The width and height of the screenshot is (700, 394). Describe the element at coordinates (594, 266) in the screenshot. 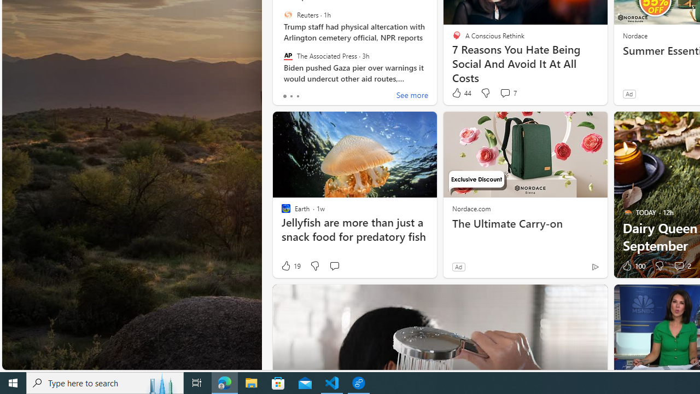

I see `'Ad Choice'` at that location.